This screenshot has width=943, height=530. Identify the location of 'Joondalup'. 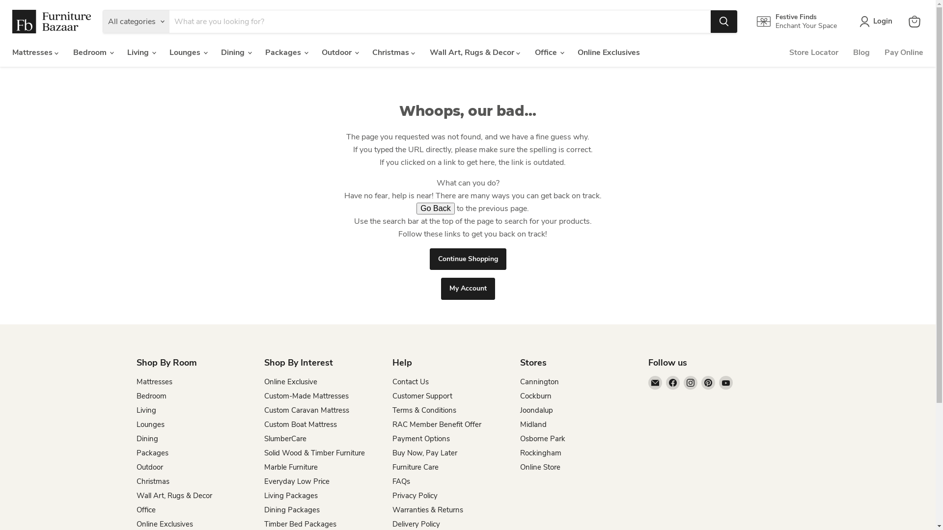
(536, 410).